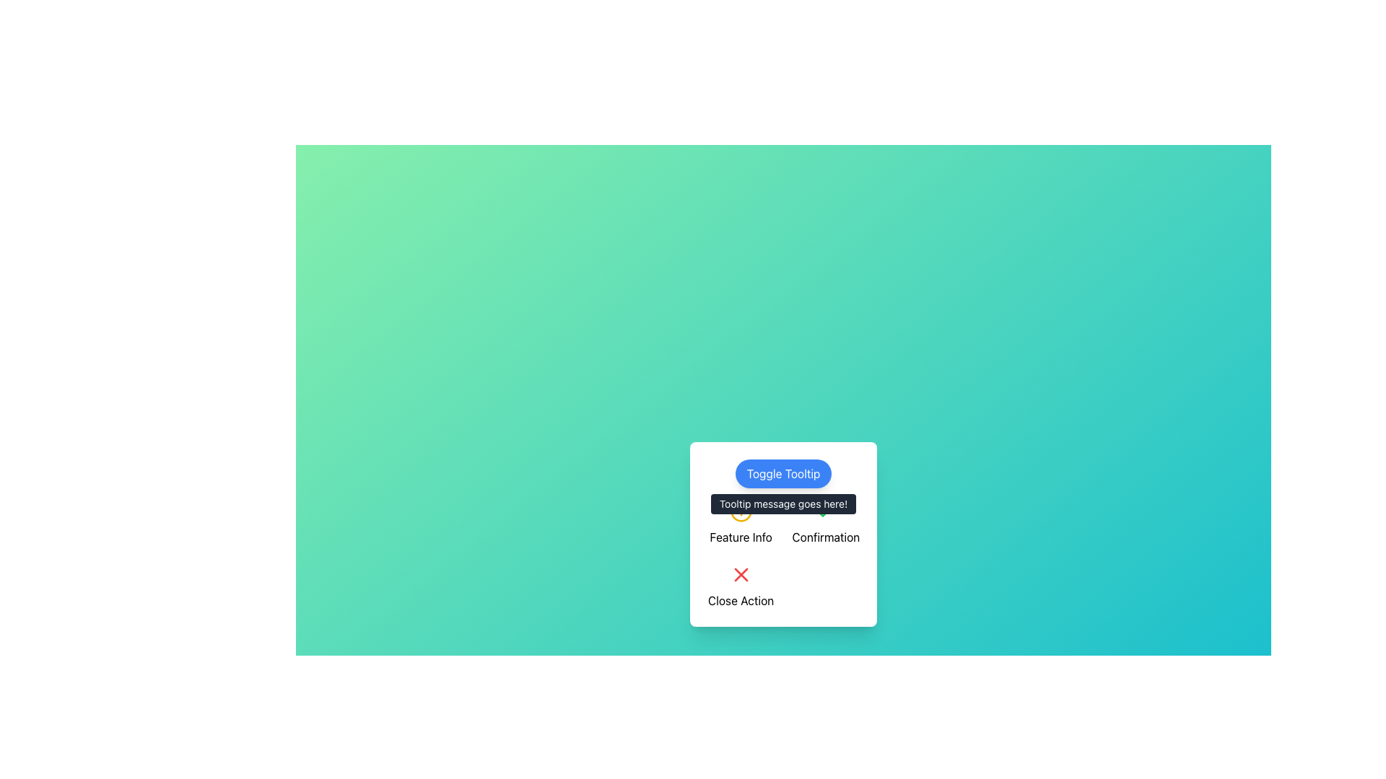 The image size is (1386, 779). I want to click on the text label that displays 'Confirmation', which is center-aligned and located at the bottom of a vertically stacked group of elements, so click(826, 537).